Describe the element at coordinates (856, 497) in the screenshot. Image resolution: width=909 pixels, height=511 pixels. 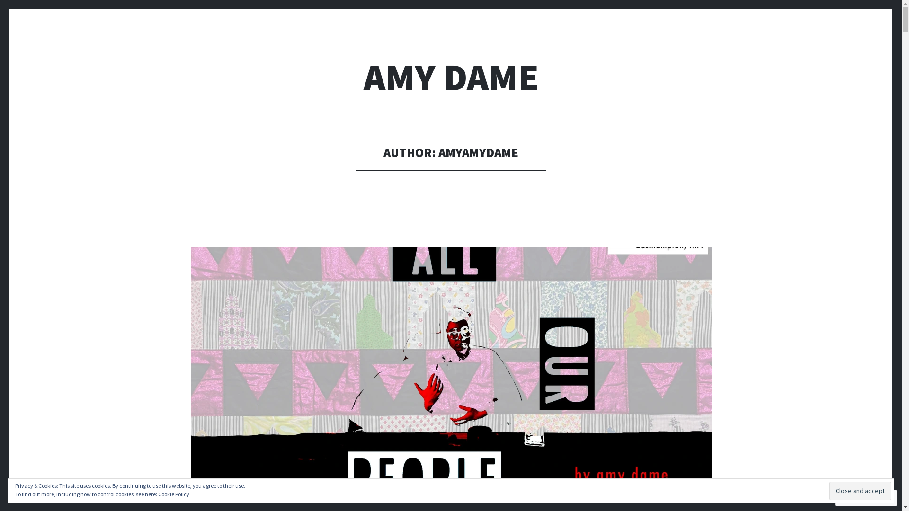
I see `'Follow'` at that location.